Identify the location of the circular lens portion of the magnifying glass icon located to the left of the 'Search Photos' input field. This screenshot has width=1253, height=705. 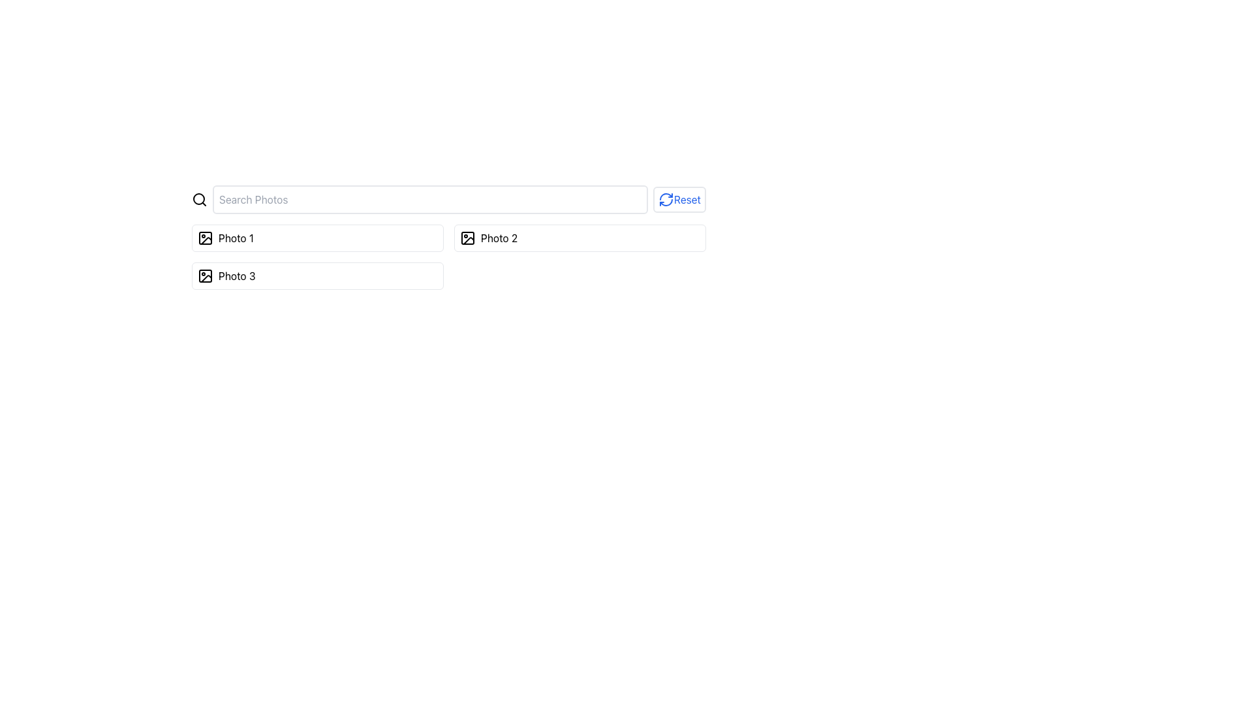
(198, 198).